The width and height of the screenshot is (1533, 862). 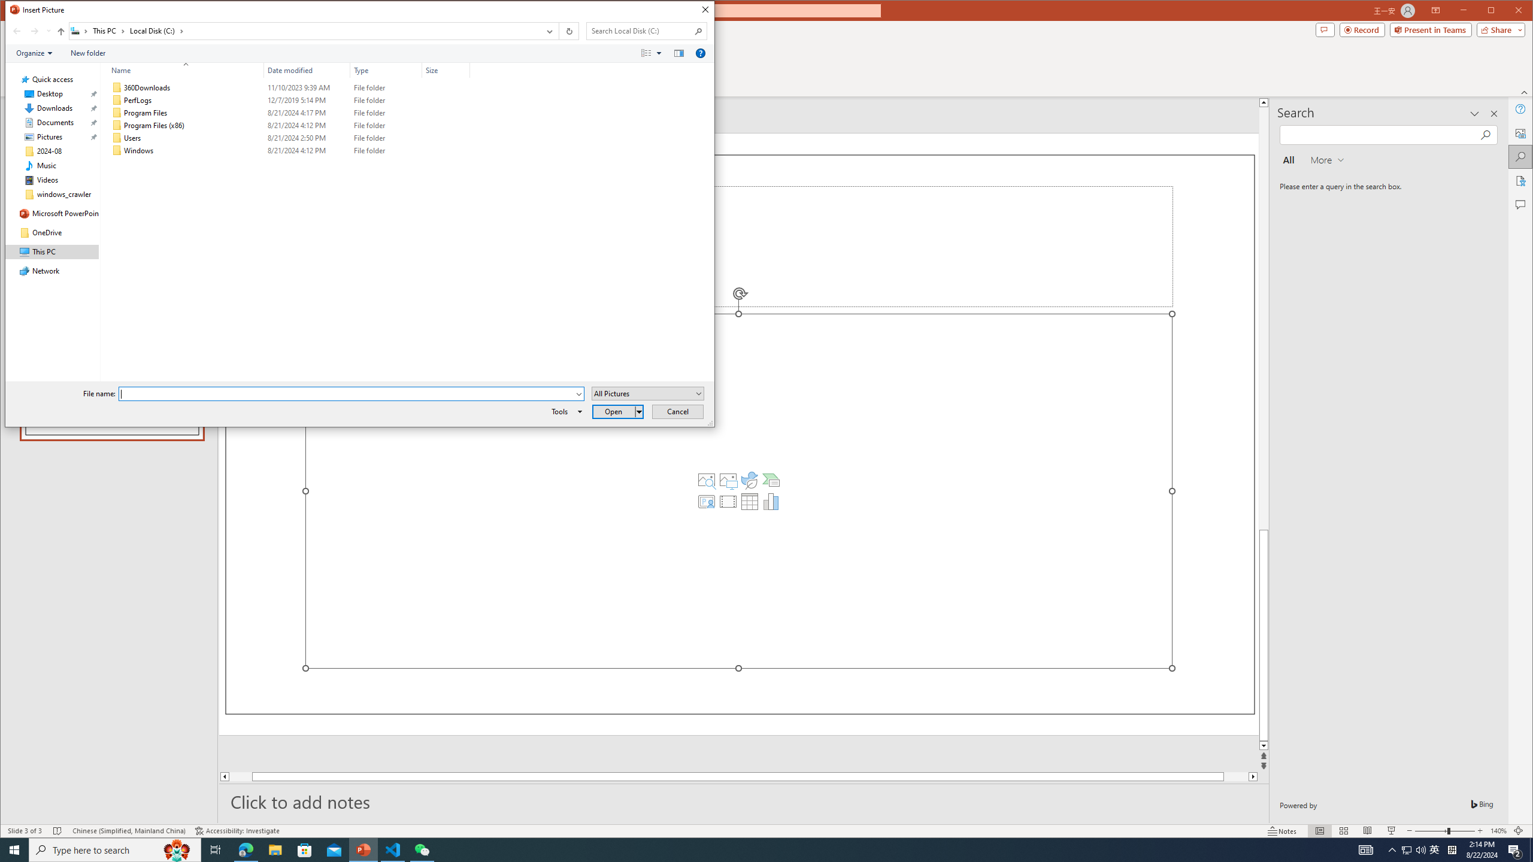 What do you see at coordinates (564, 411) in the screenshot?
I see `'Tools'` at bounding box center [564, 411].